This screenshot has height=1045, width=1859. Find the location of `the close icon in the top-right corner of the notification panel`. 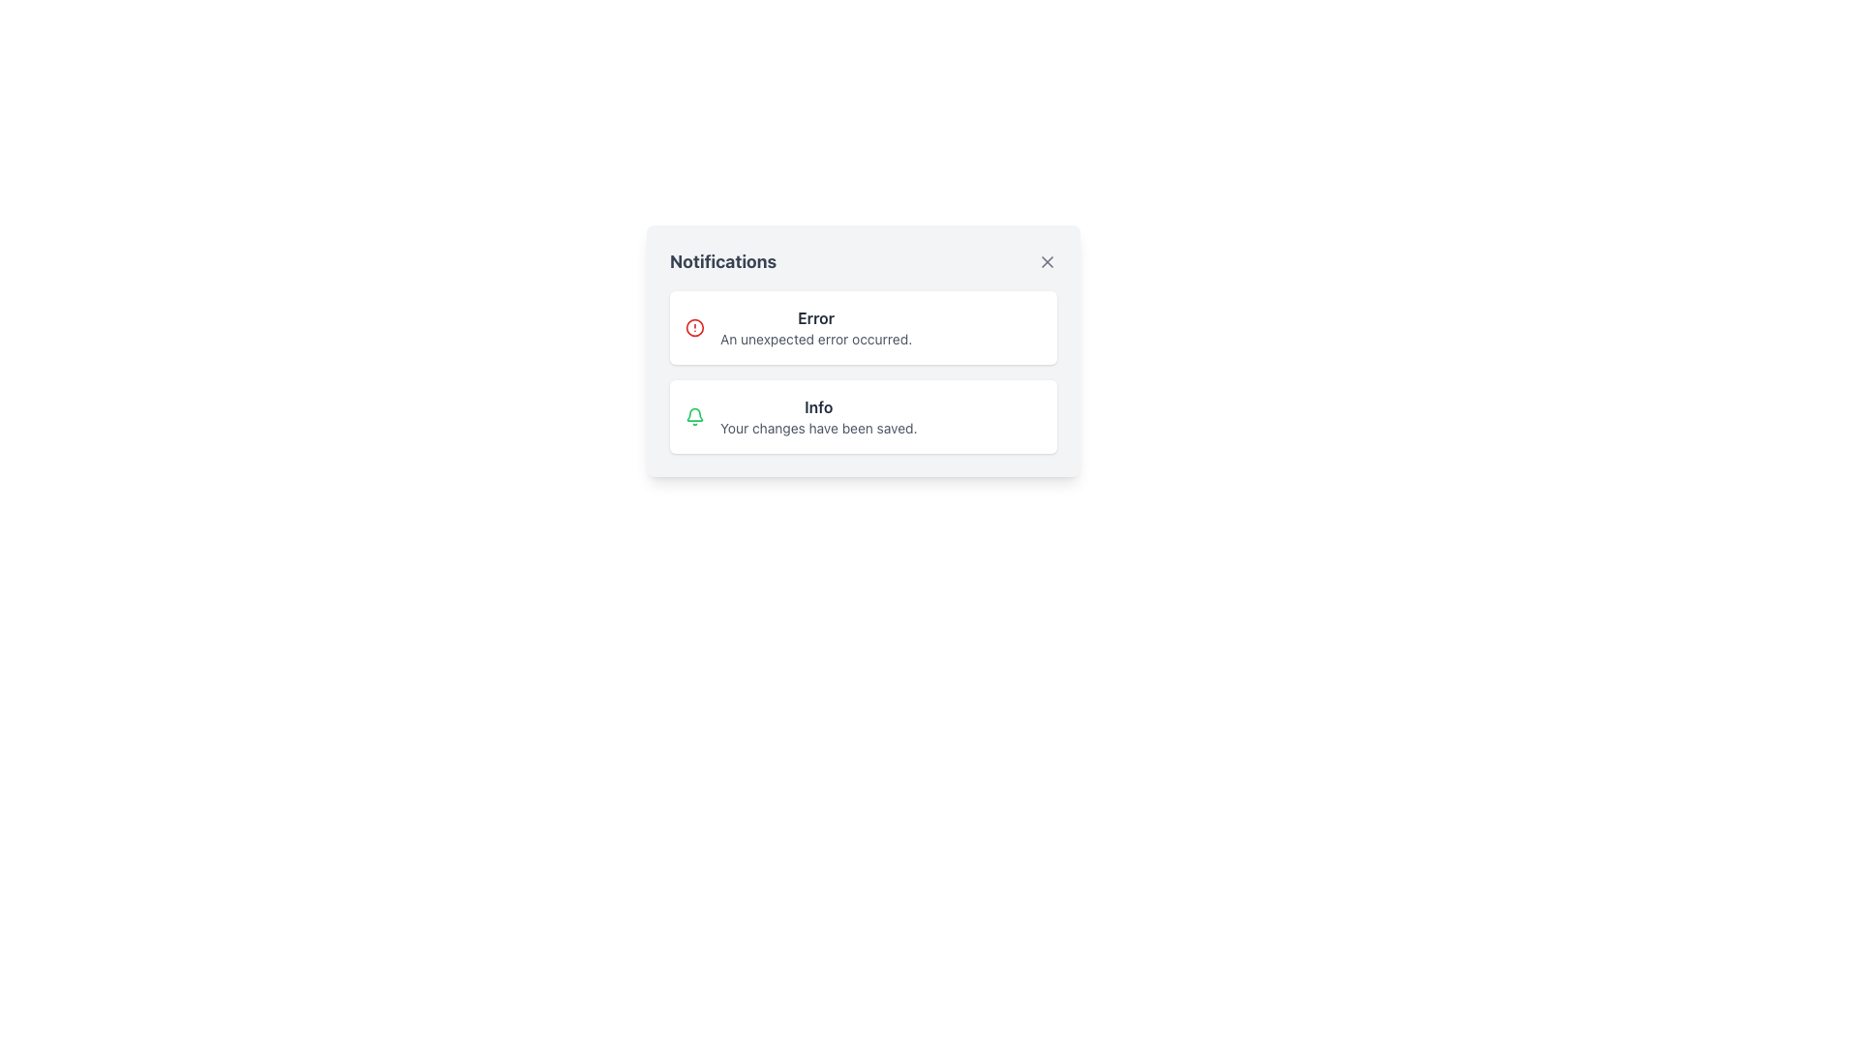

the close icon in the top-right corner of the notification panel is located at coordinates (1046, 261).